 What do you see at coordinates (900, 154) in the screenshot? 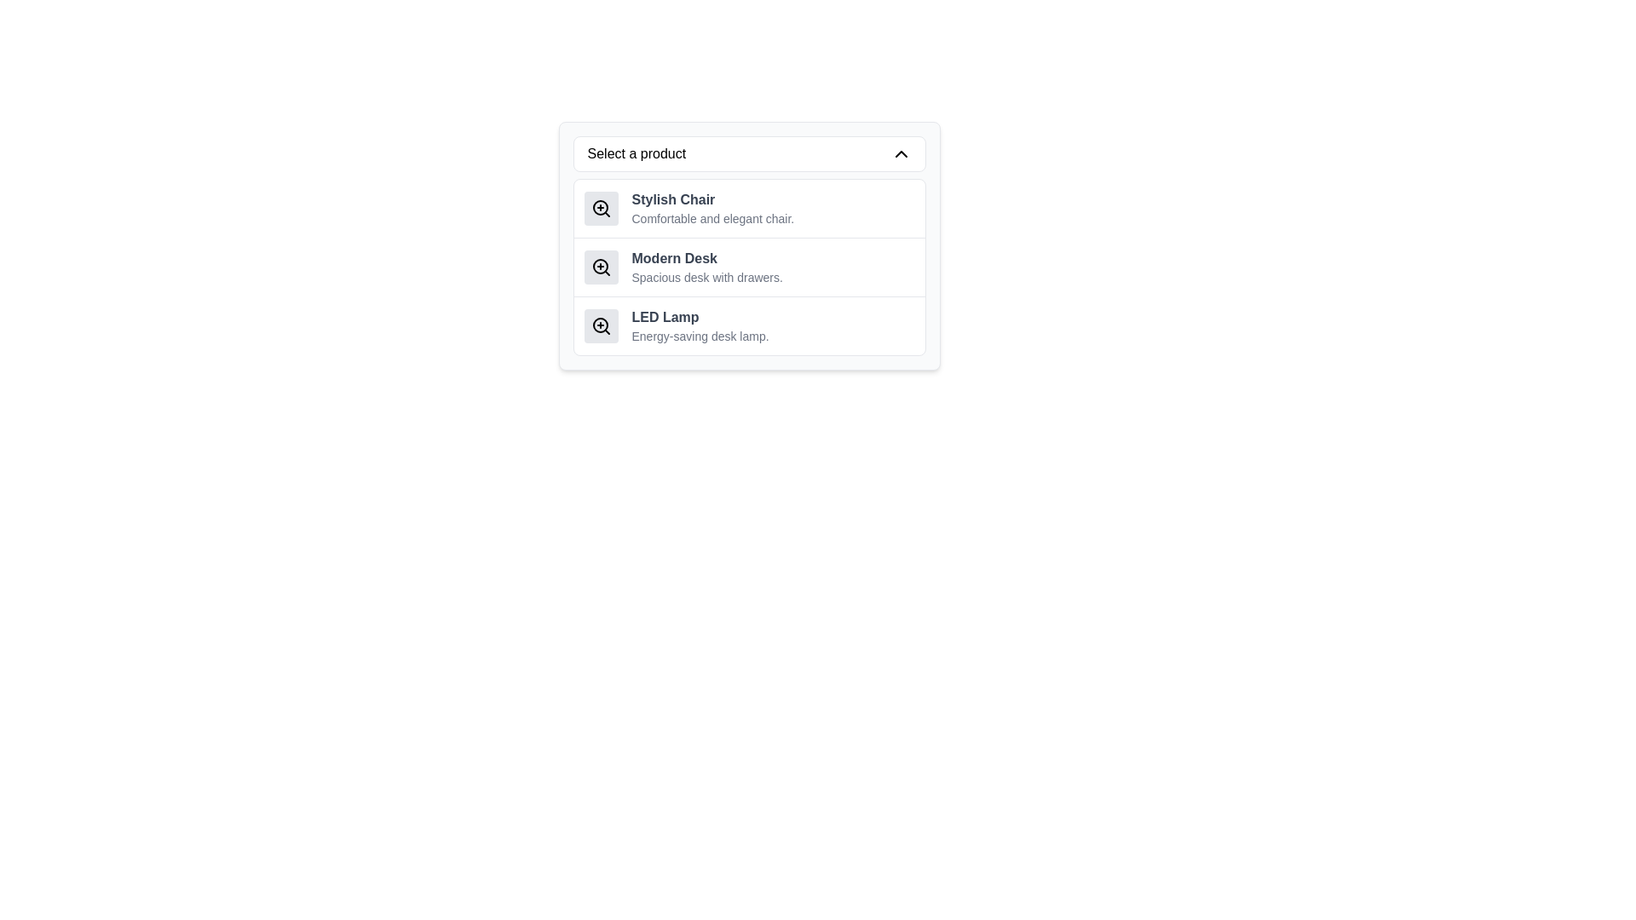
I see `the upward chevron icon on the far-right of the 'Select a product' selector bar` at bounding box center [900, 154].